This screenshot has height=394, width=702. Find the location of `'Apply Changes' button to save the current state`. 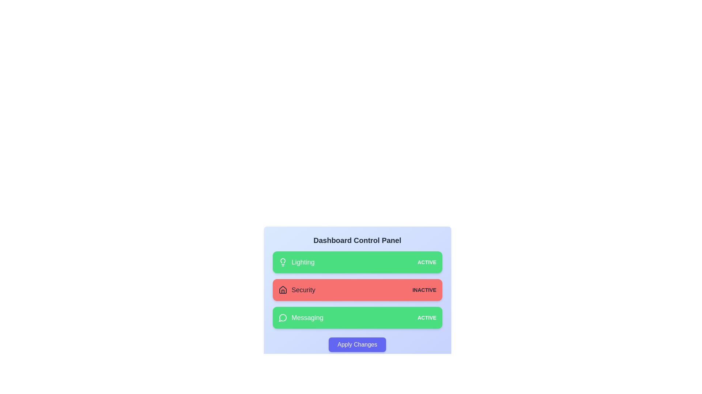

'Apply Changes' button to save the current state is located at coordinates (357, 345).